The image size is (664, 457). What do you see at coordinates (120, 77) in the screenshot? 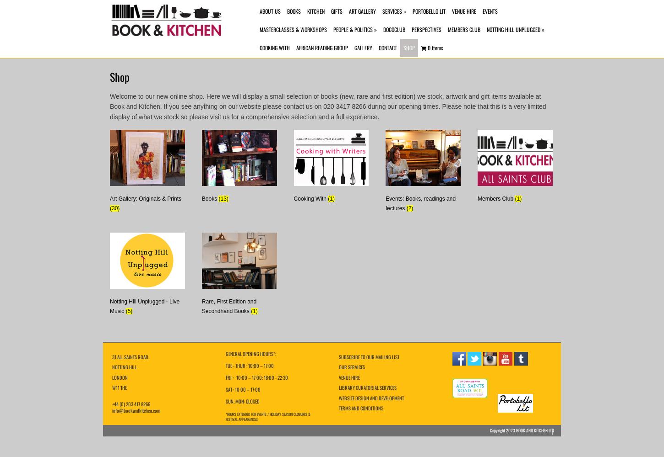
I see `'Shop'` at bounding box center [120, 77].